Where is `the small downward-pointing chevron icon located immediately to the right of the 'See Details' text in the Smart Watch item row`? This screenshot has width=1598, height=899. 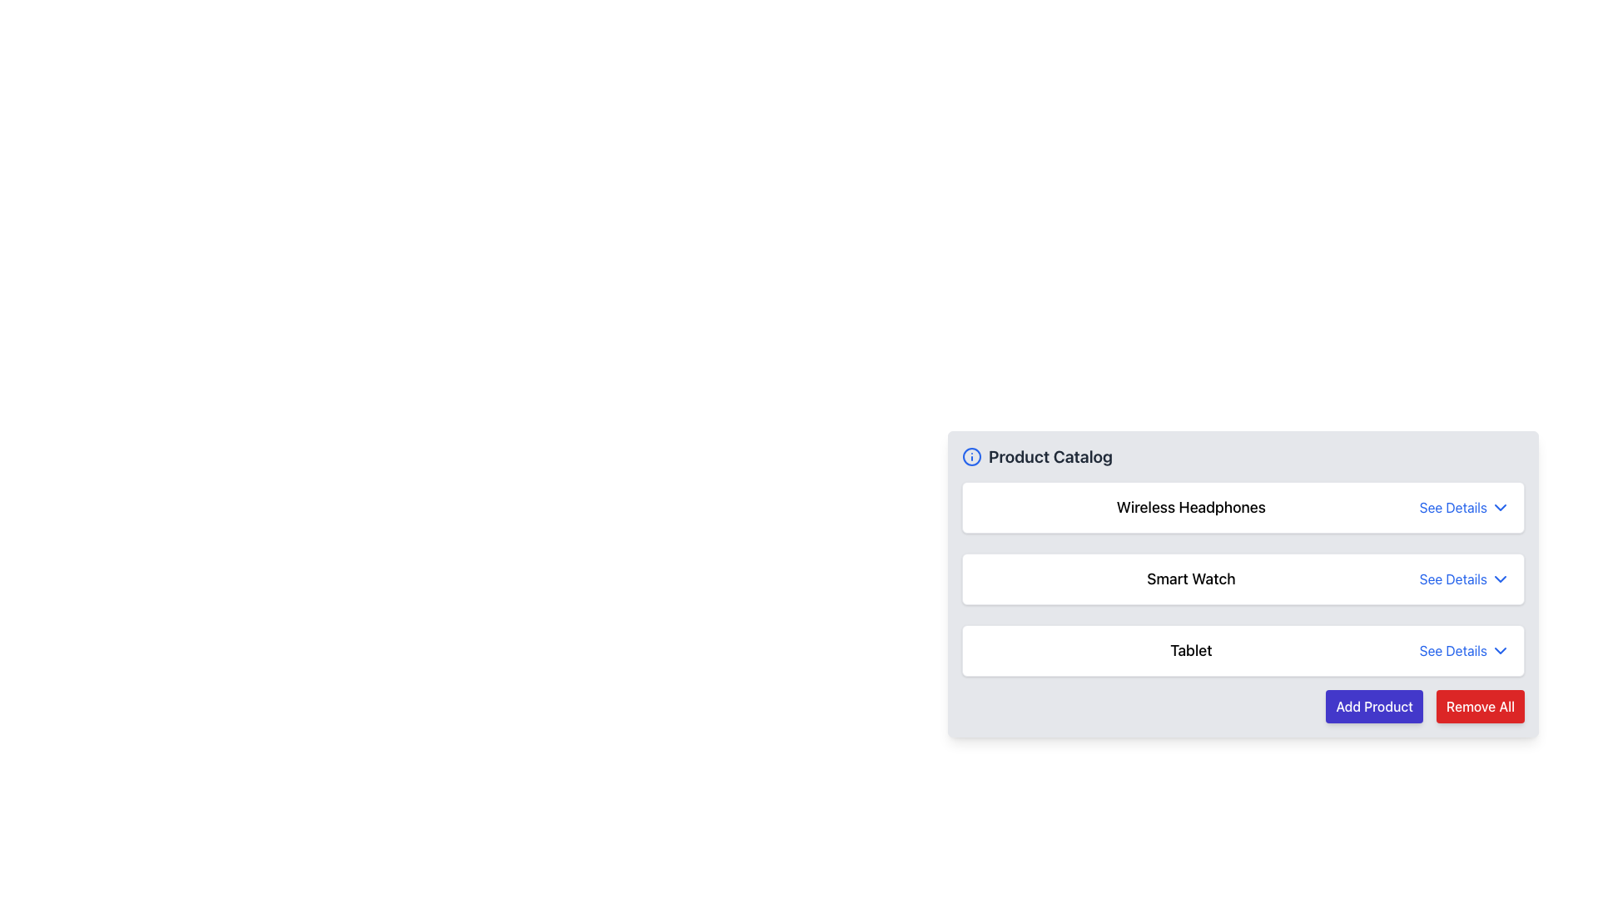 the small downward-pointing chevron icon located immediately to the right of the 'See Details' text in the Smart Watch item row is located at coordinates (1501, 578).